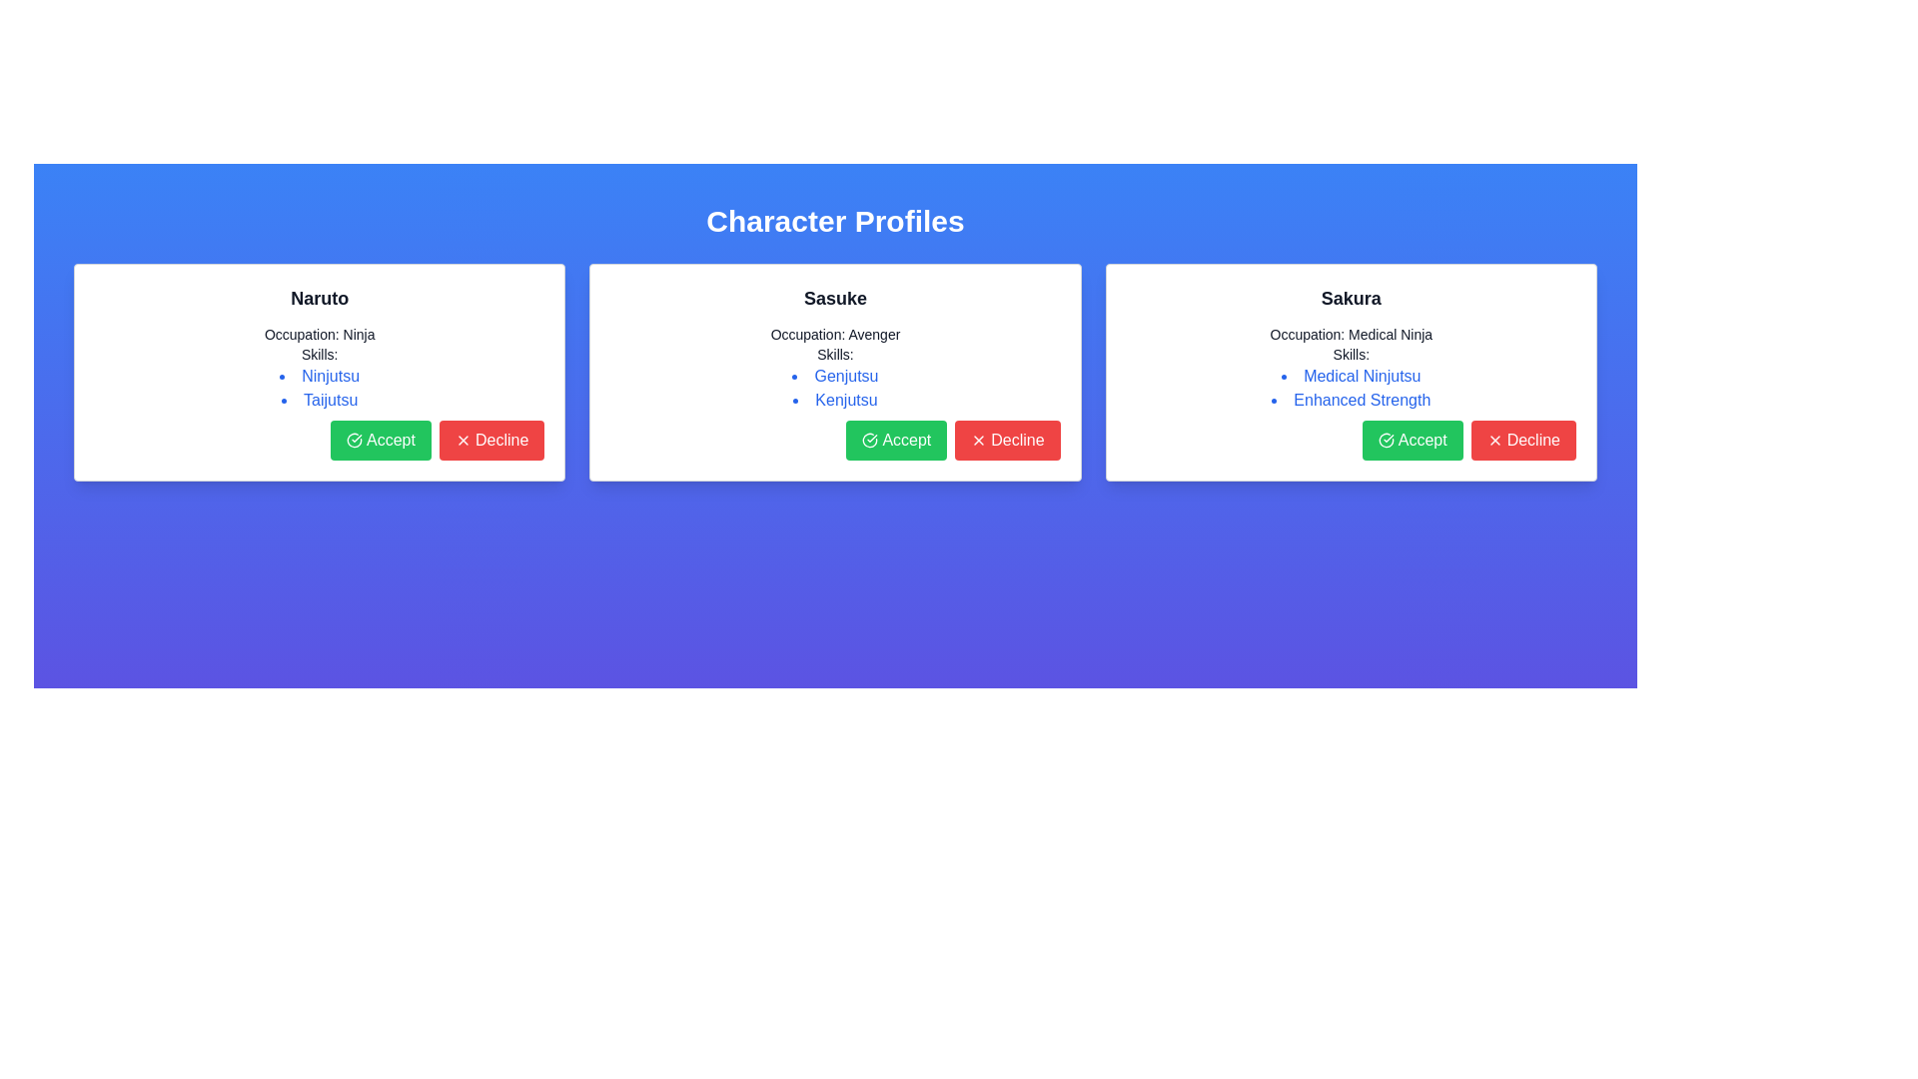 The image size is (1918, 1079). What do you see at coordinates (1522, 439) in the screenshot?
I see `the decline button located in the bottom-right corner of the highlighted profile card for Sakura to trigger hover effects` at bounding box center [1522, 439].